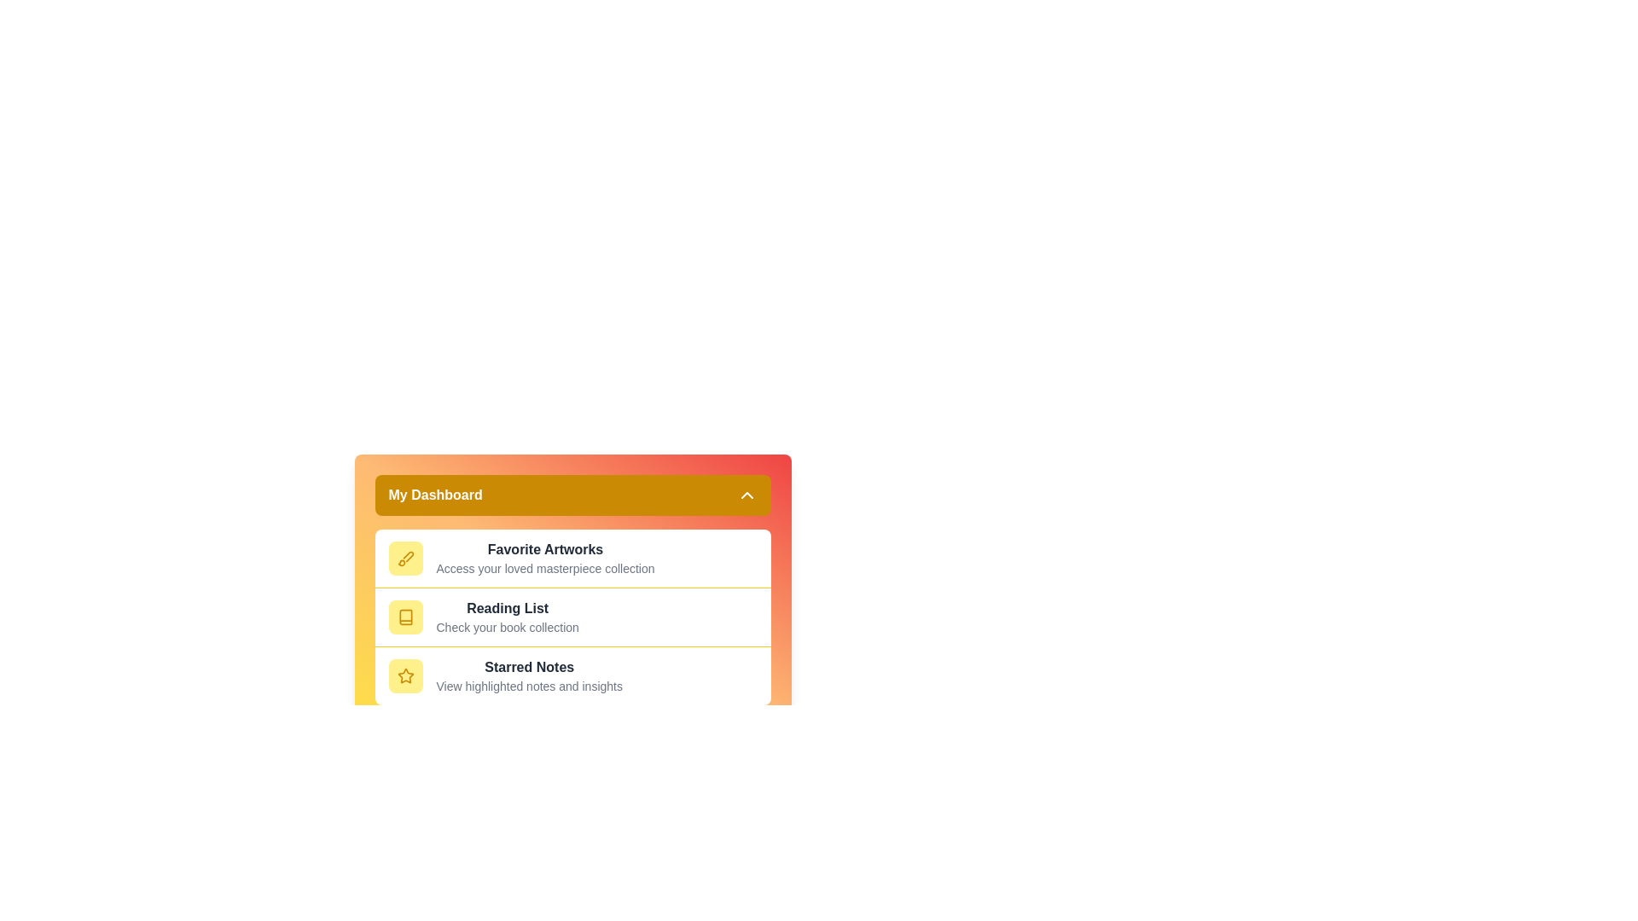 The width and height of the screenshot is (1638, 921). I want to click on the bottommost List Item with Icon and Text in the vertical list, so click(572, 675).